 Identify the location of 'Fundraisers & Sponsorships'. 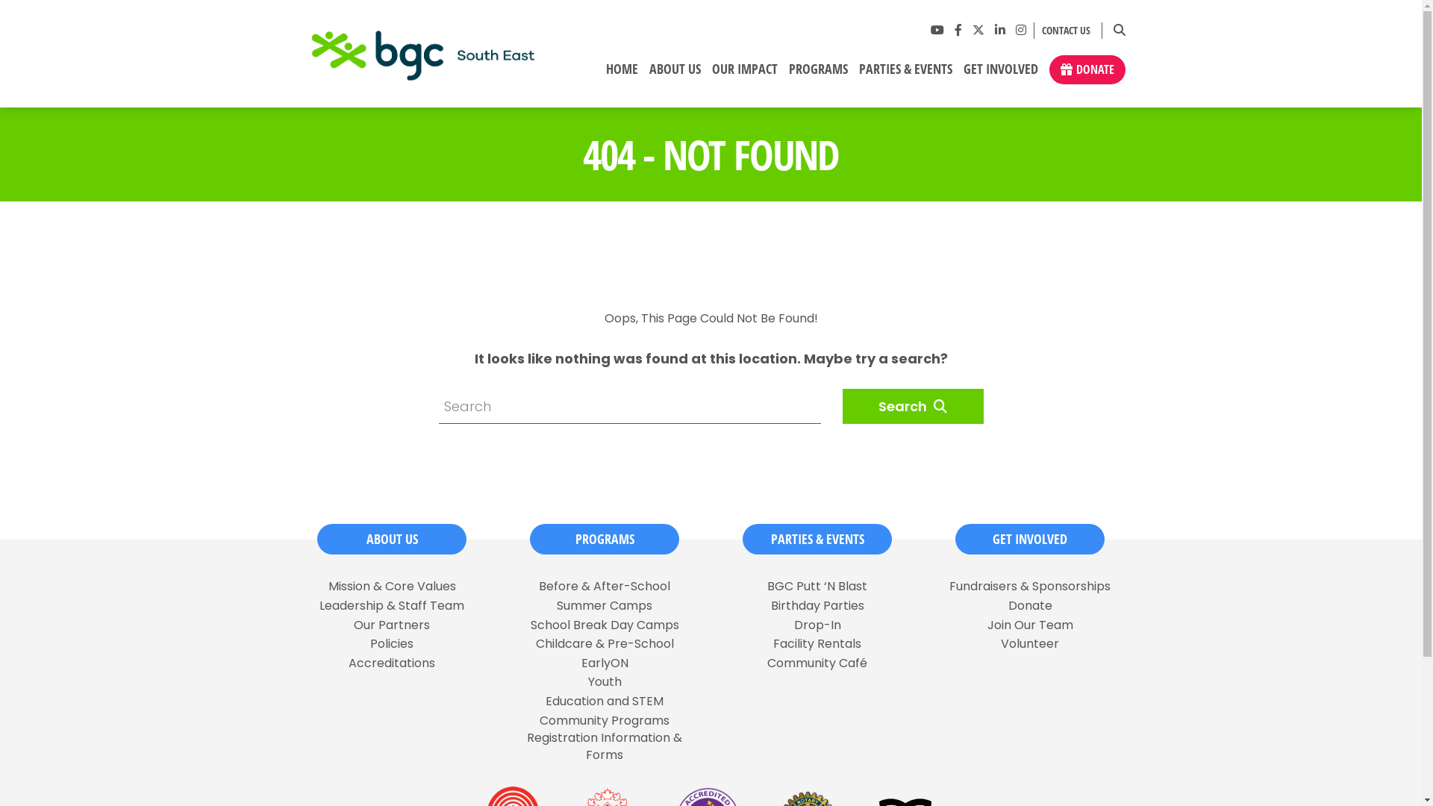
(1029, 586).